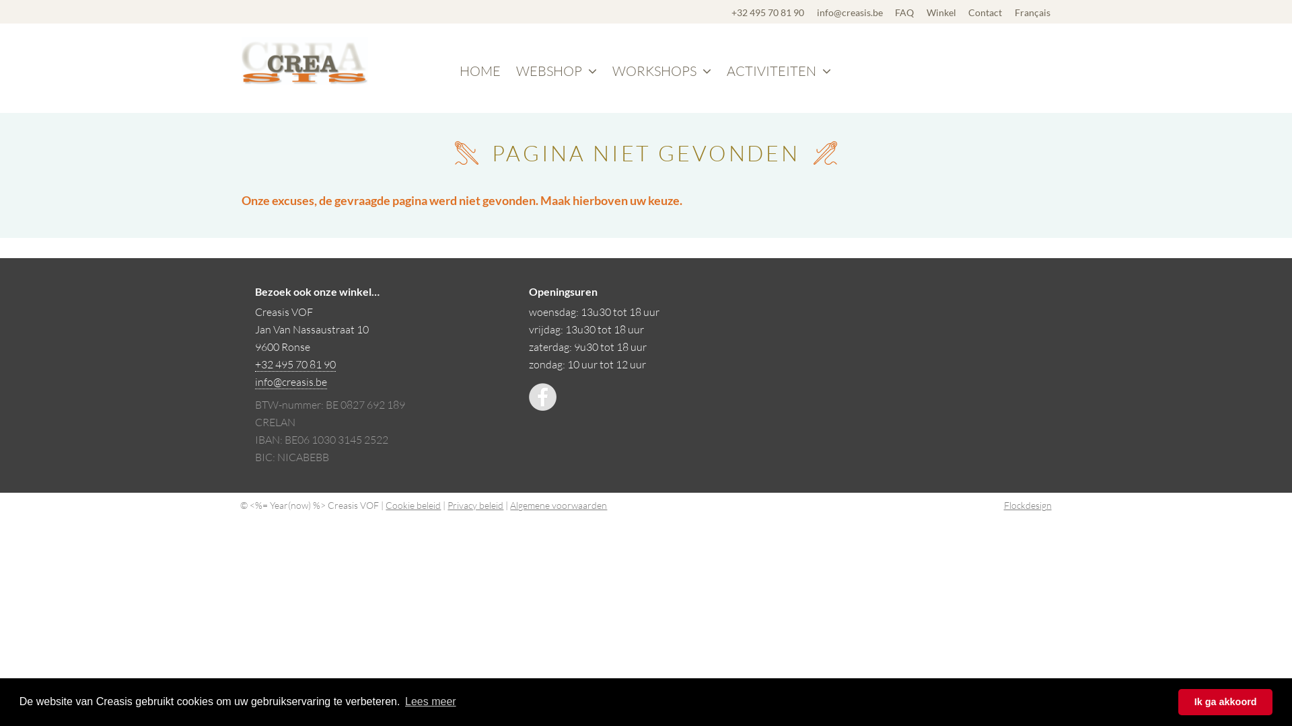 The height and width of the screenshot is (726, 1292). I want to click on 'Ik ga akkoord', so click(1225, 701).